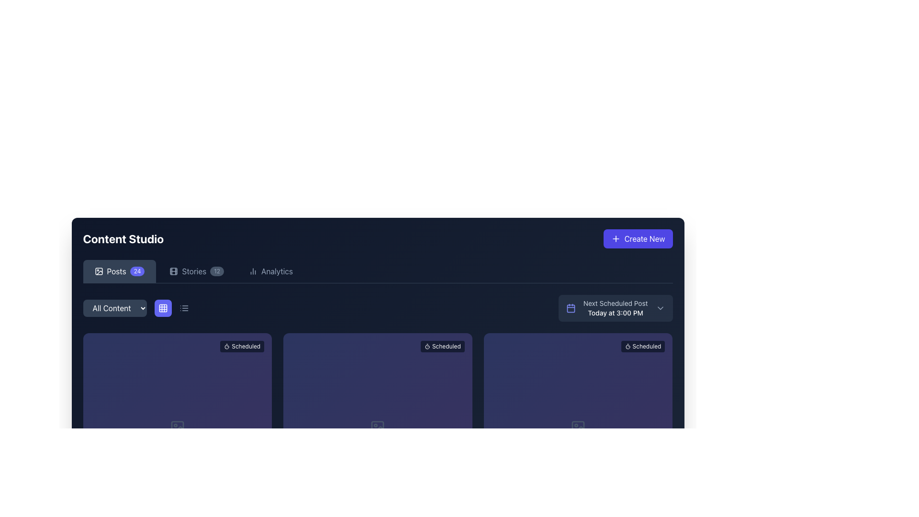 This screenshot has height=517, width=919. I want to click on the small rectangular icon element located centrally among other components in the top-right portion of the interface, so click(174, 271).